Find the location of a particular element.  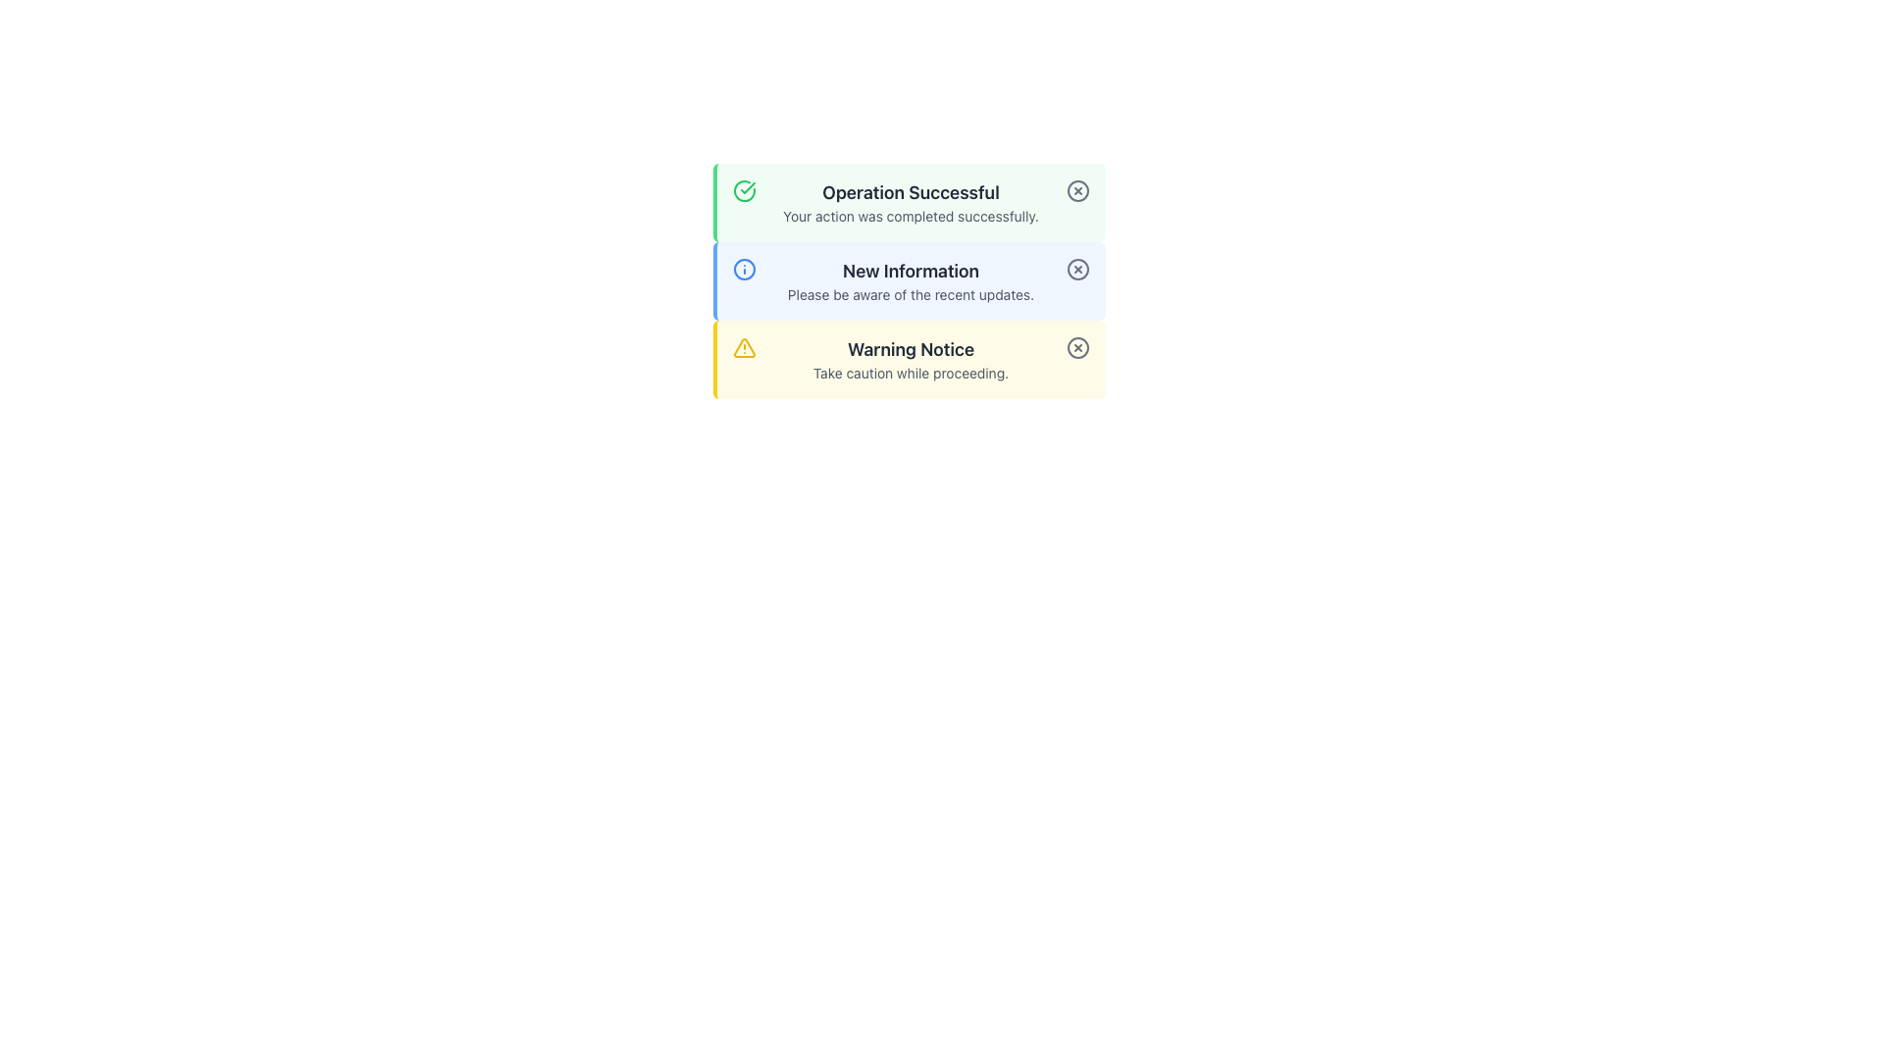

the warning icon located in the lower-left region of the 'Warning Notice' message box is located at coordinates (743, 346).